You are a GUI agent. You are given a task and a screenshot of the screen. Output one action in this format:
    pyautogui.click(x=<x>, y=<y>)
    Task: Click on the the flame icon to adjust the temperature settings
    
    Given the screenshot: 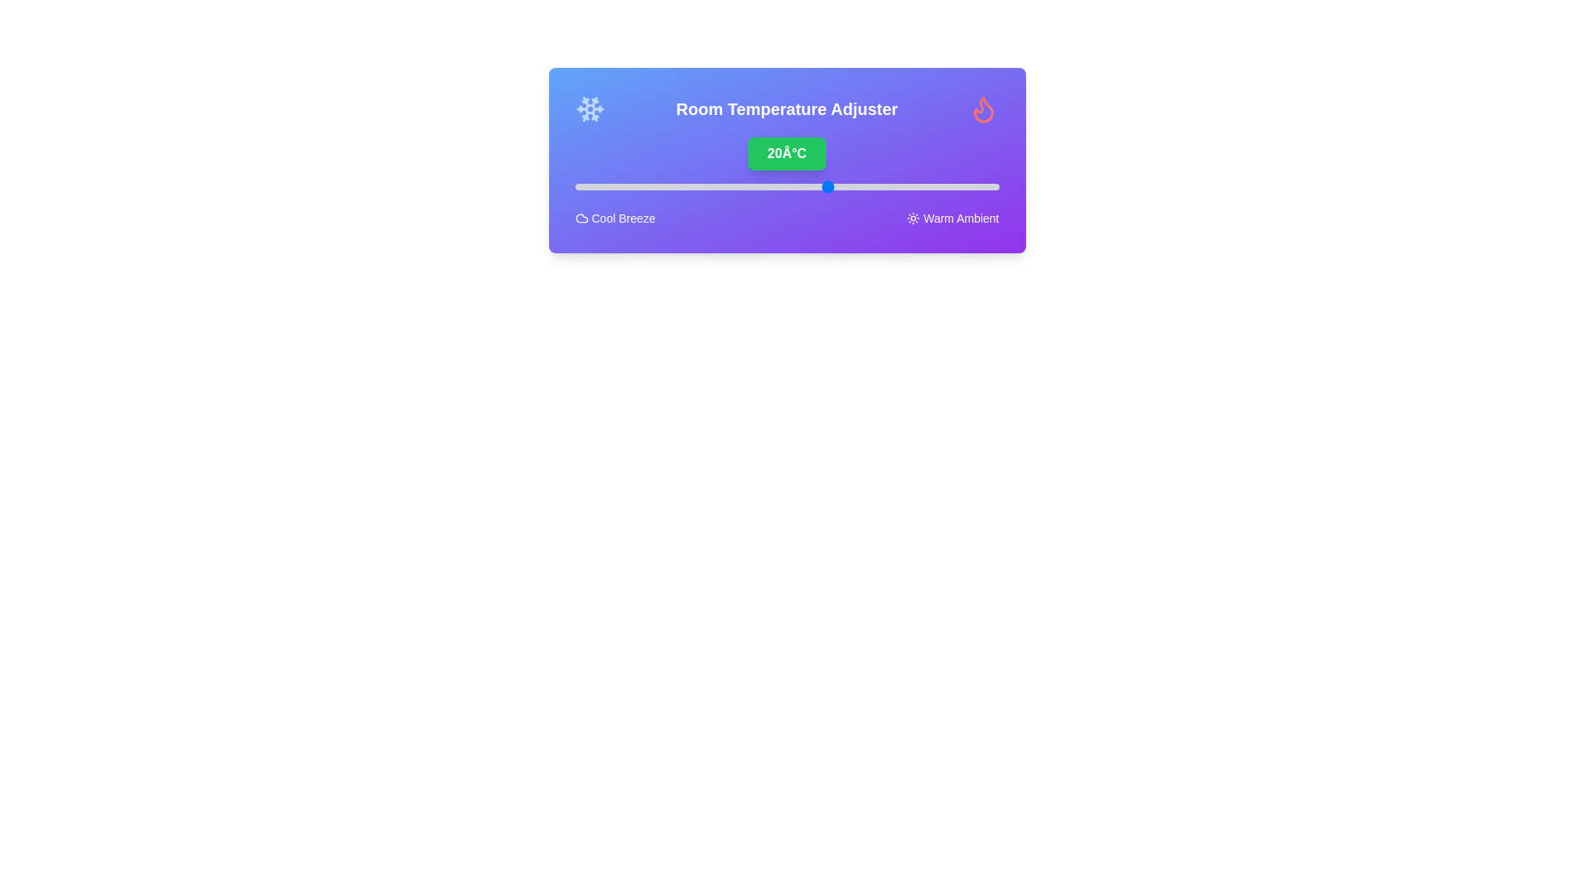 What is the action you would take?
    pyautogui.click(x=984, y=108)
    